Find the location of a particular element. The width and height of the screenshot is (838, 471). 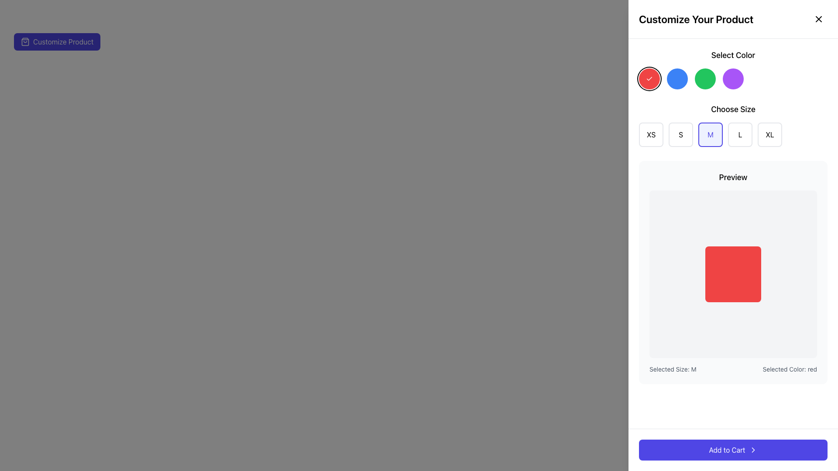

the icon located to the right of the 'Add to Cart' button is located at coordinates (752, 450).